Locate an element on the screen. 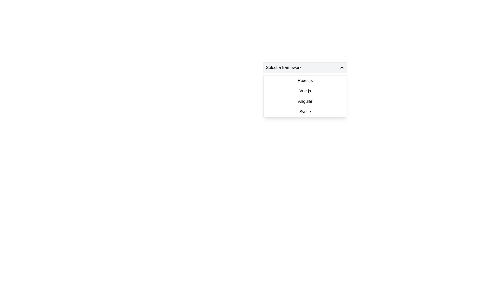  the small upward-pointing chevron icon with a black outline located on the right side of the 'Select a framework' dropdown is located at coordinates (342, 67).